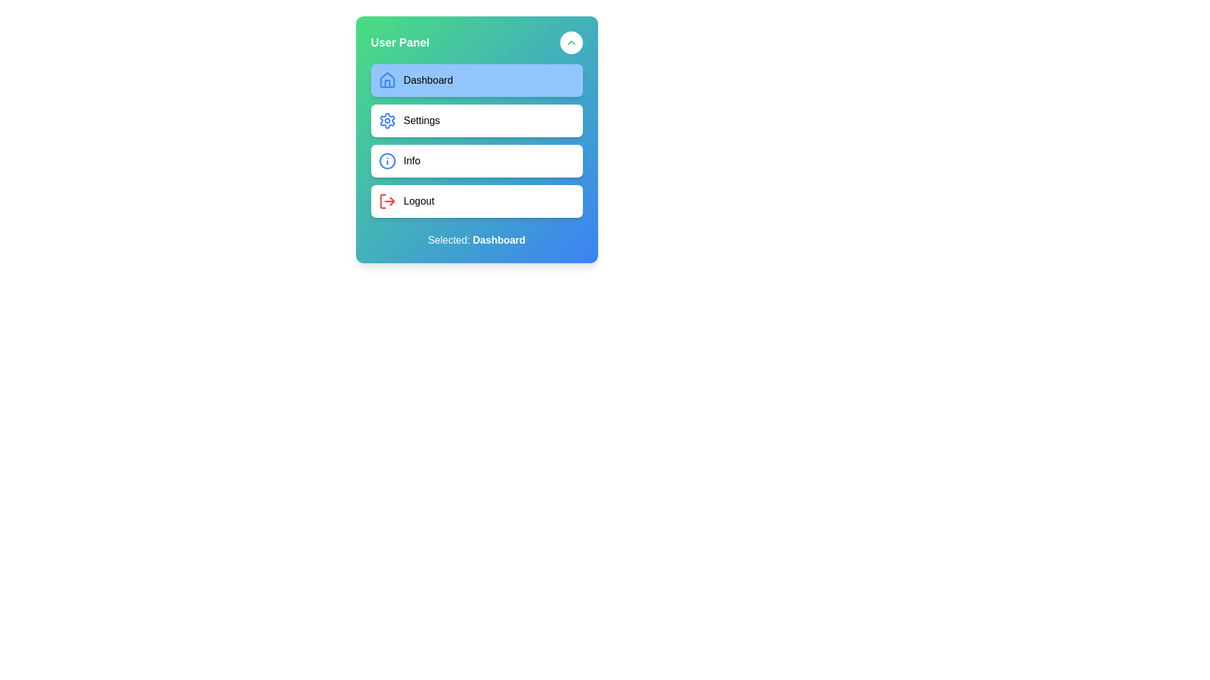 Image resolution: width=1210 pixels, height=680 pixels. I want to click on the 'Info' SVG icon located to the left of the 'Info' label in the third interactive row of the sidebar menu for navigation assistance, so click(386, 160).